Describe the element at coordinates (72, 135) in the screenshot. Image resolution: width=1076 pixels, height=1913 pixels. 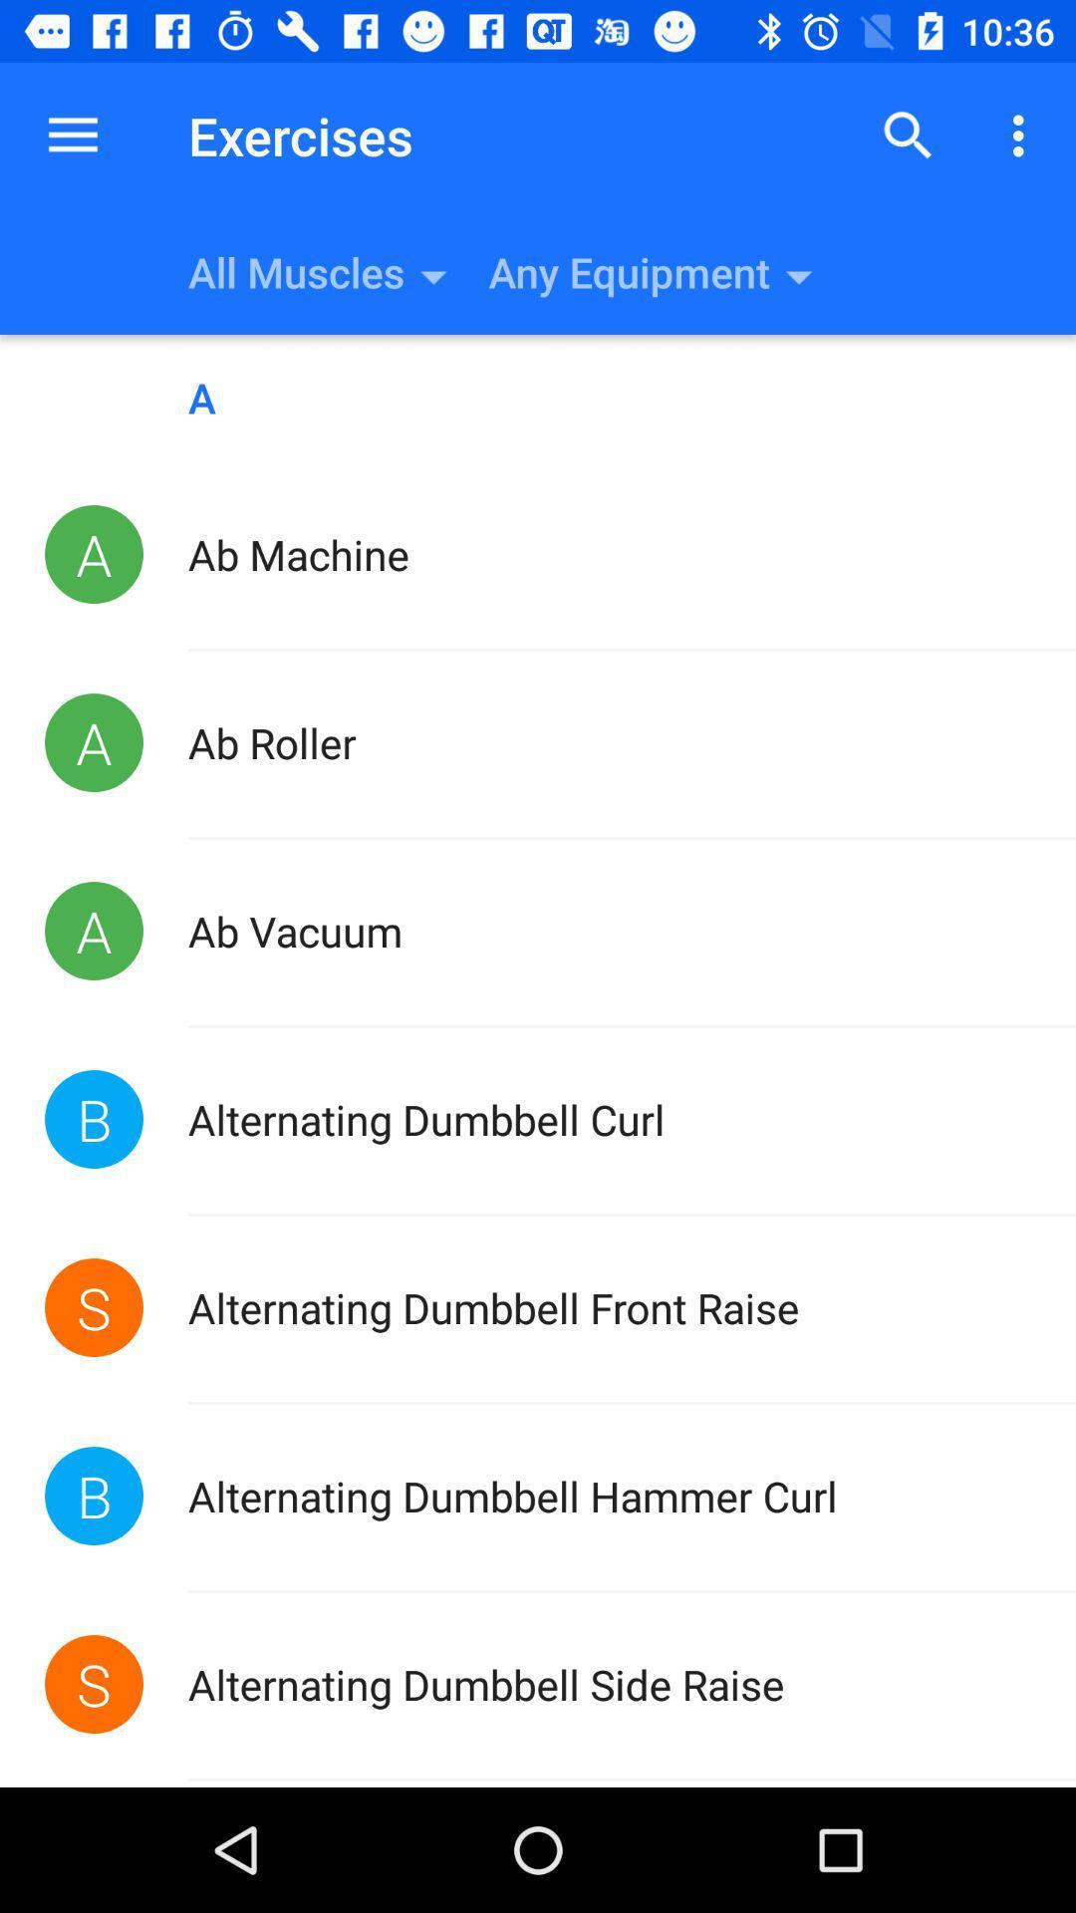
I see `the item next to the exercises` at that location.